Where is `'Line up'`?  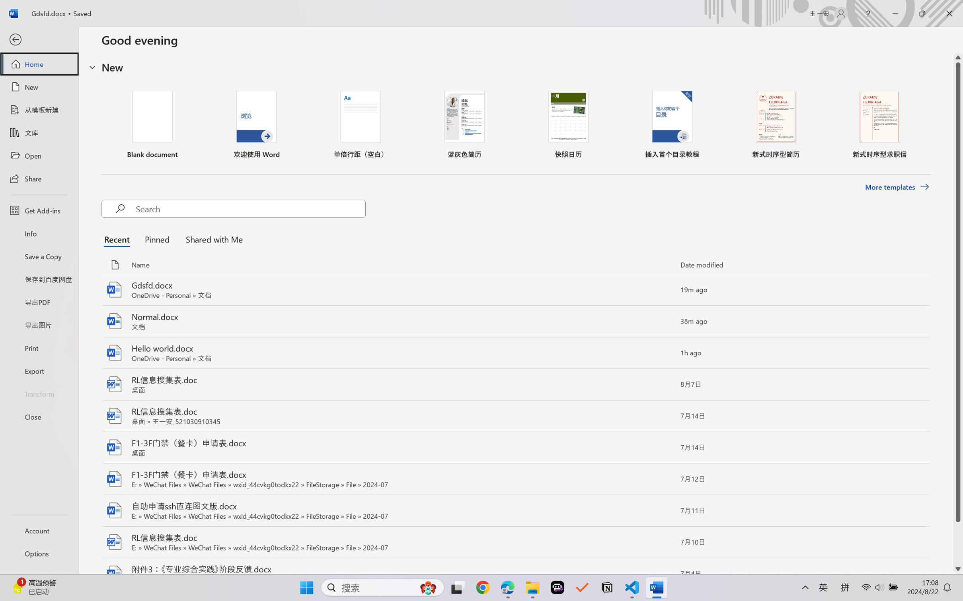
'Line up' is located at coordinates (958, 57).